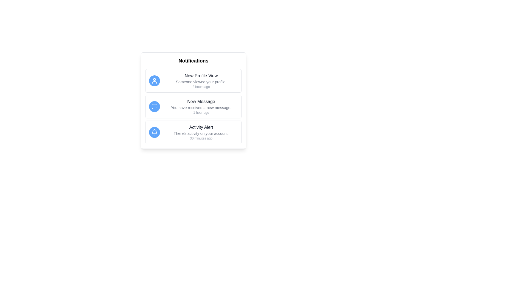 This screenshot has height=296, width=527. Describe the element at coordinates (154, 107) in the screenshot. I see `the speech bubble icon located within the 'New Message' notification, which indicates a communication-related symbol` at that location.